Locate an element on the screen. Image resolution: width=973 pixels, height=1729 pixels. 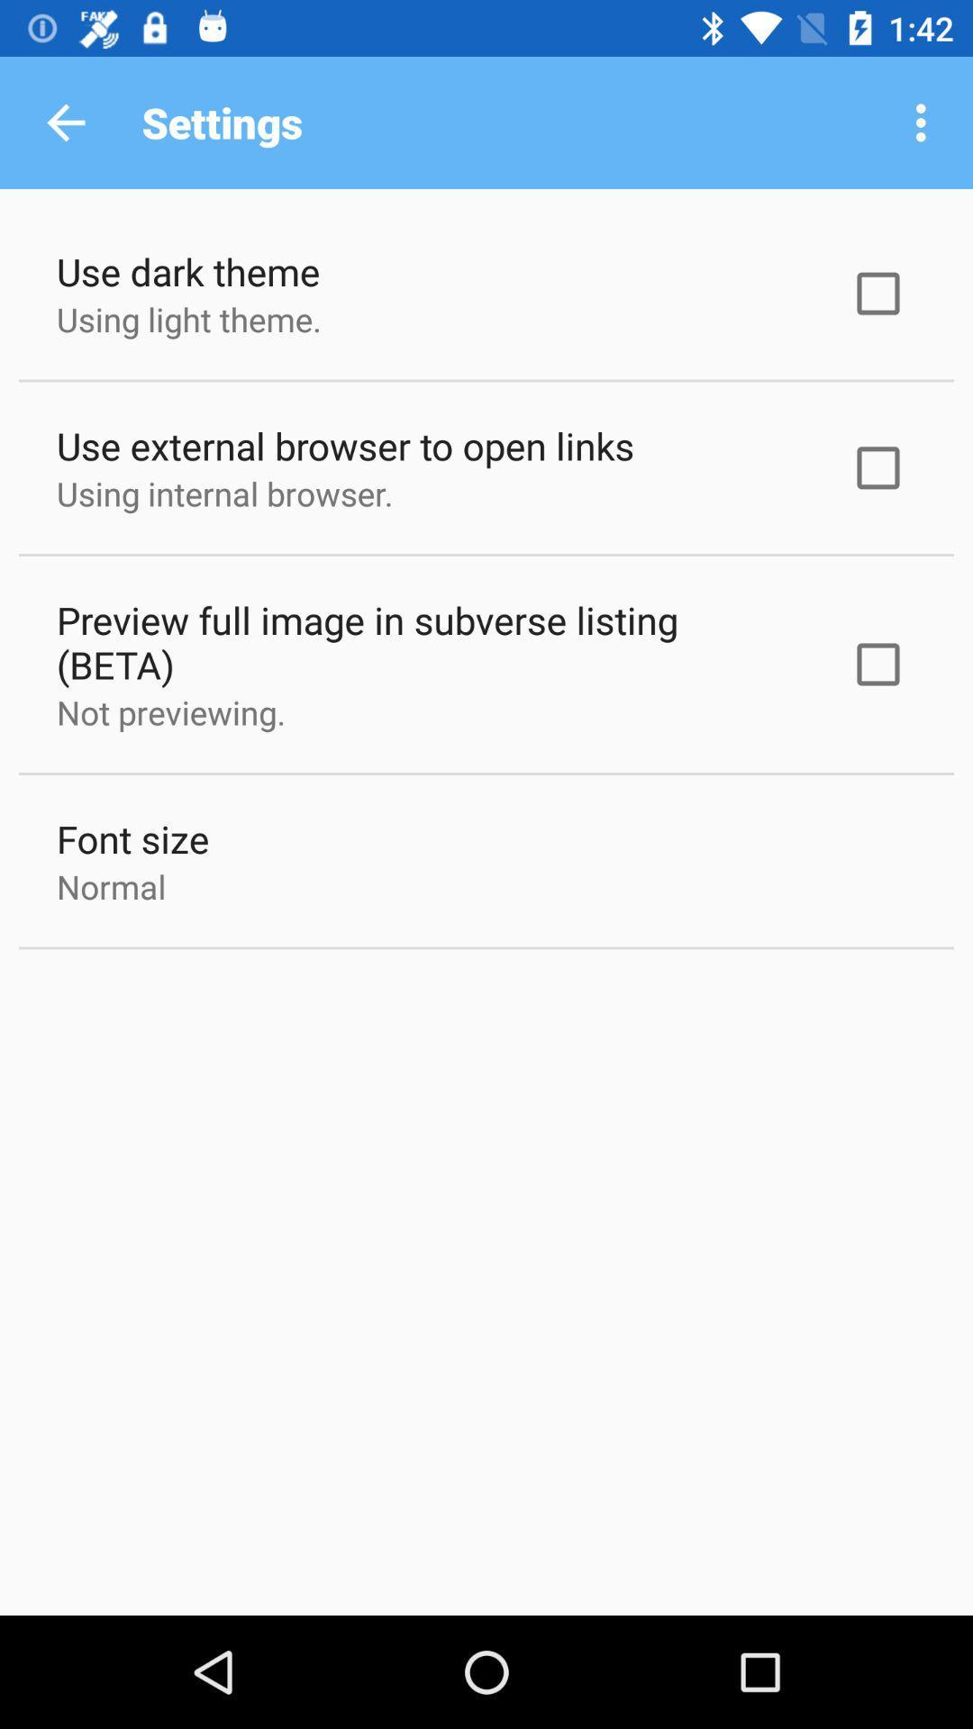
the use dark theme item is located at coordinates (188, 270).